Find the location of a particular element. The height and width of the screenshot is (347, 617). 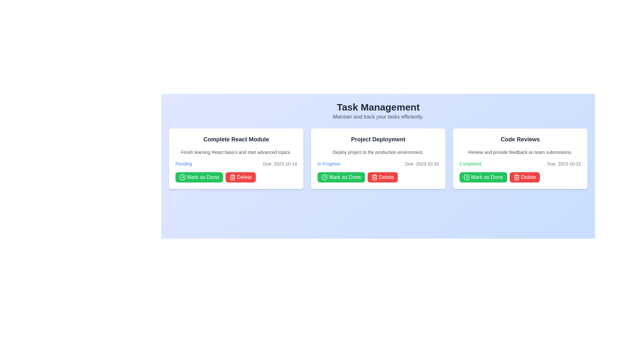

text that says 'Maintain and track your tasks efficiently.' which is styled in gray and located below the 'Task Management' header is located at coordinates (378, 117).